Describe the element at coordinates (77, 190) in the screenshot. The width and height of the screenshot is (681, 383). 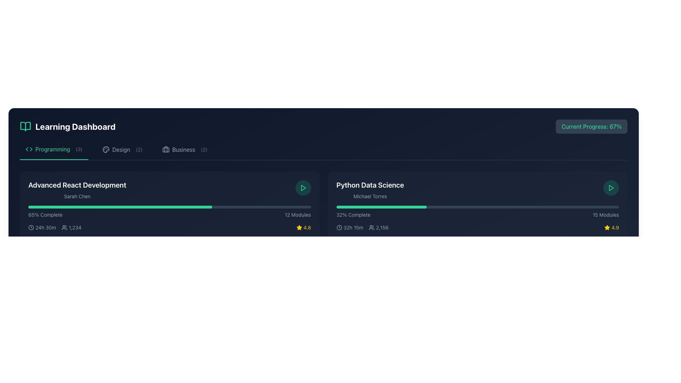
I see `the text label element displaying 'Advanced React Development' and 'Sarah Chen' within the Learning Dashboard interface, located in the leftmost card` at that location.